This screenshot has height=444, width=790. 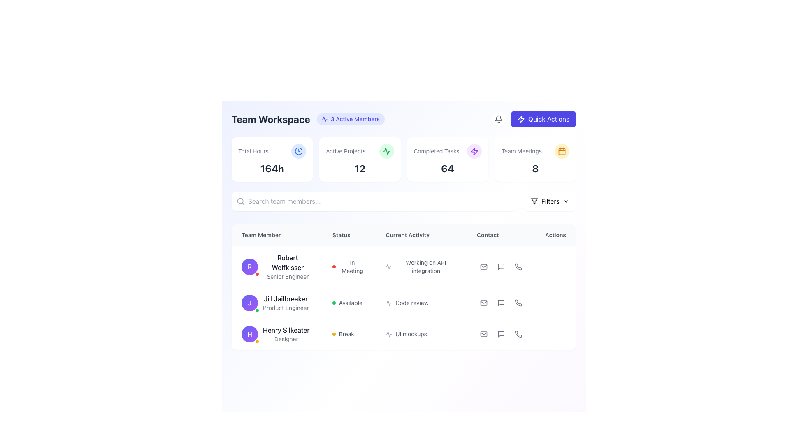 I want to click on the text label displaying 'Break' in gray font, located in the 'Status' column for 'Henry Silketer, Designer', positioned to the right of the yellow circular status icon, so click(x=346, y=334).